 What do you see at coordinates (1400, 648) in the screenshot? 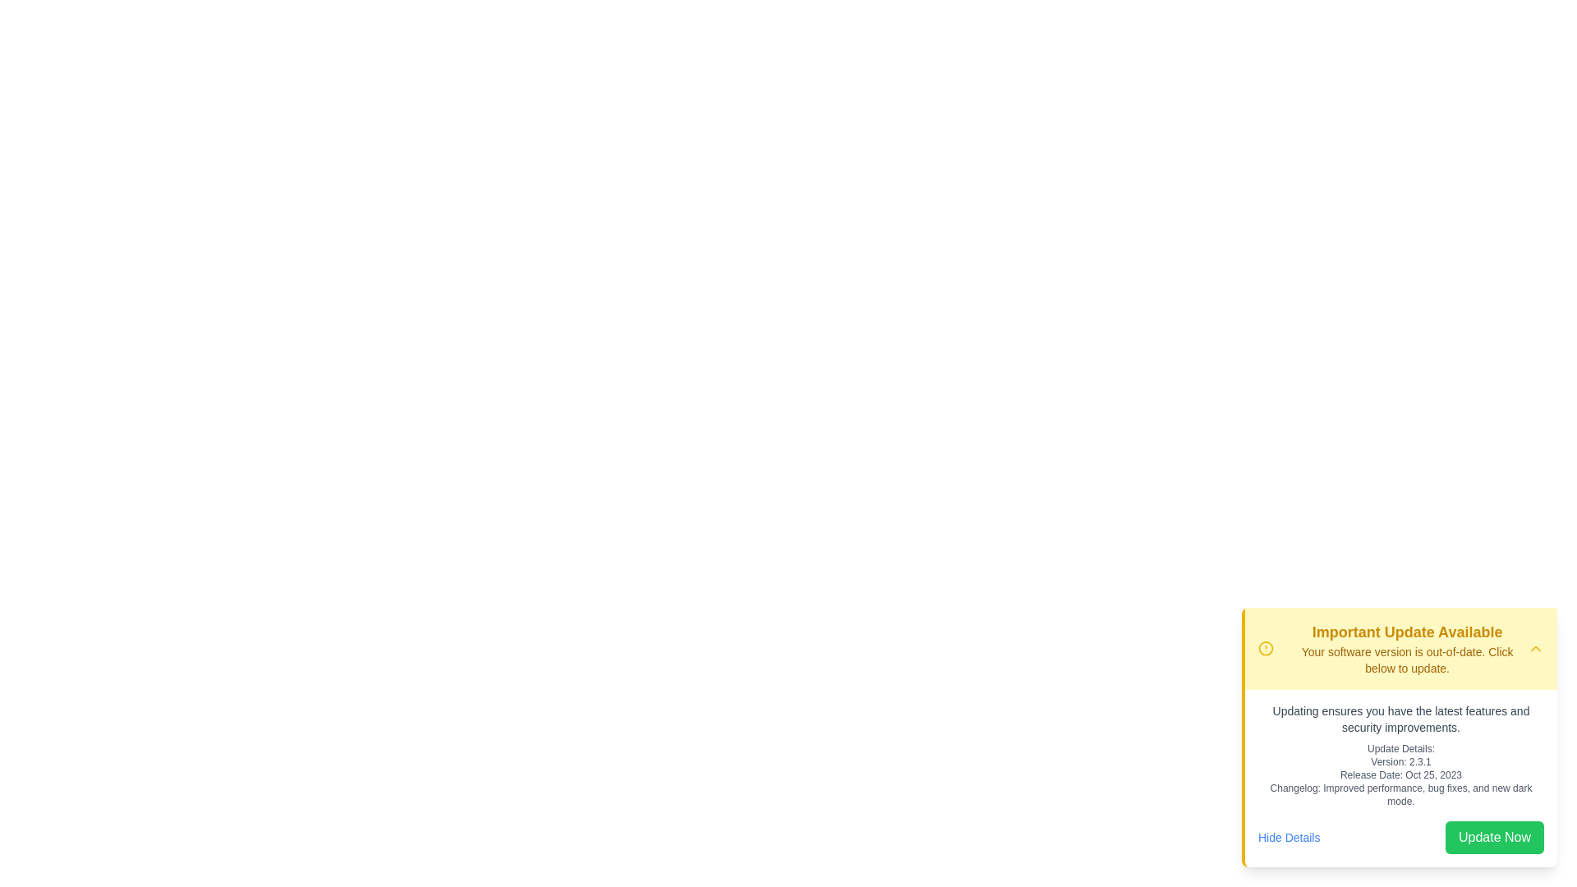
I see `the right arrow icon in the Notification Banner Header to toggle the visibility of additional details` at bounding box center [1400, 648].